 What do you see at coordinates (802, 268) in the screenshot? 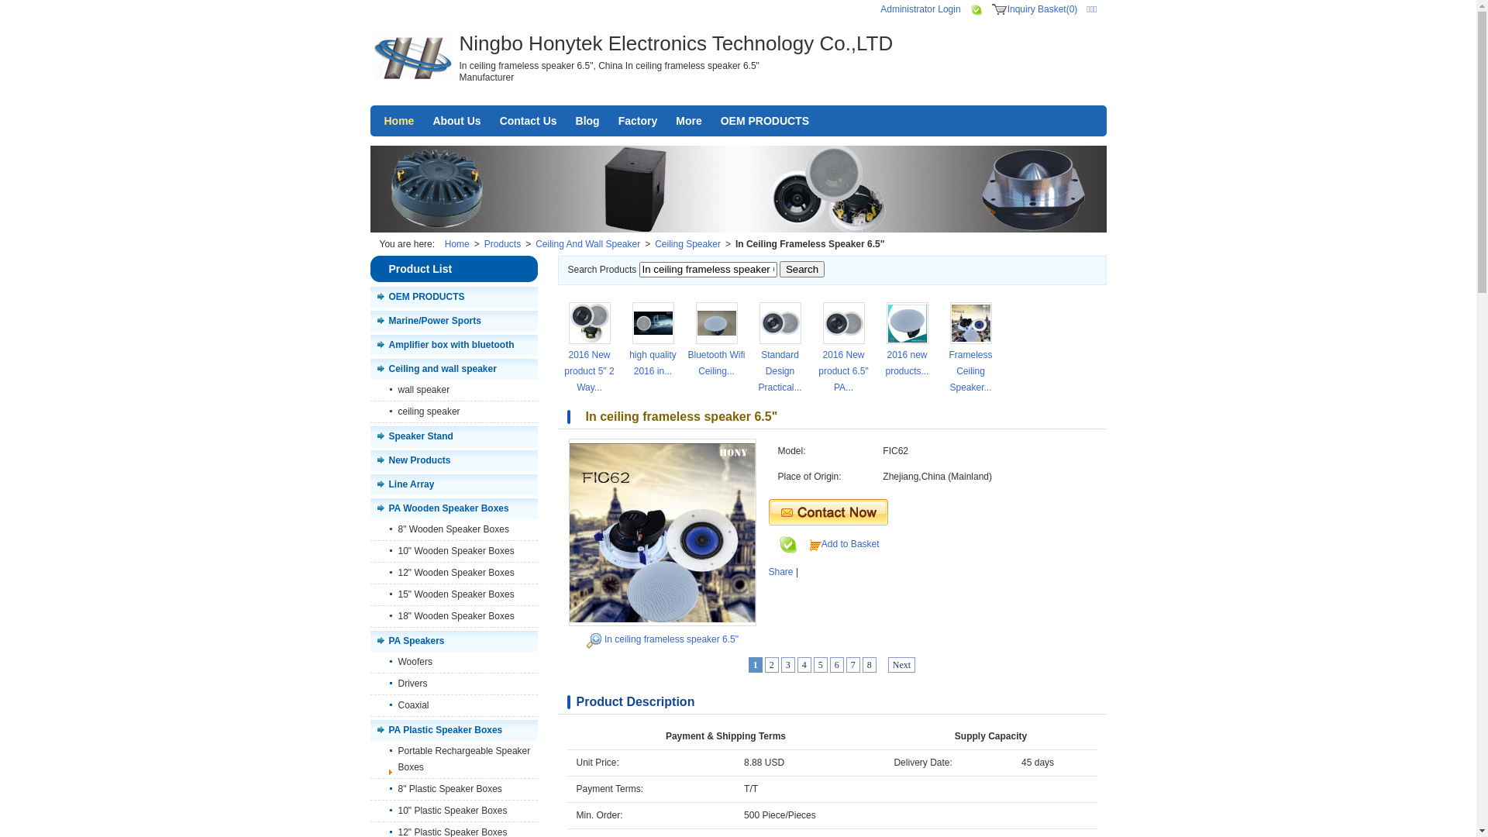
I see `'Search'` at bounding box center [802, 268].